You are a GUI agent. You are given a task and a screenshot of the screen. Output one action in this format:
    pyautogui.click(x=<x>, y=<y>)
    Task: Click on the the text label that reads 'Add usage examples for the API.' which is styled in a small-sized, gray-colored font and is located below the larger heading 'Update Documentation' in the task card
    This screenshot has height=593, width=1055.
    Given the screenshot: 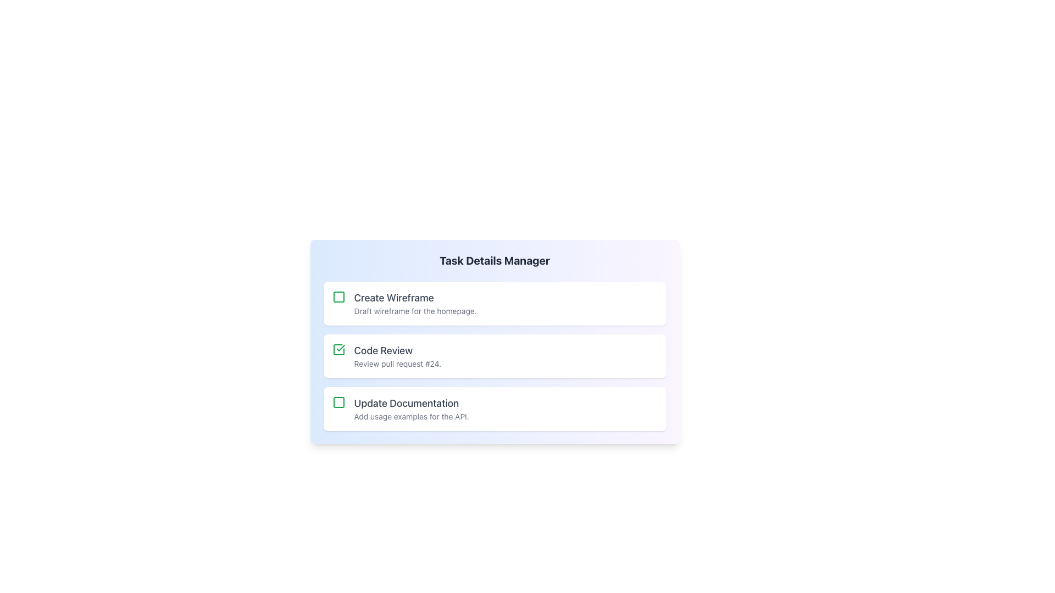 What is the action you would take?
    pyautogui.click(x=411, y=417)
    